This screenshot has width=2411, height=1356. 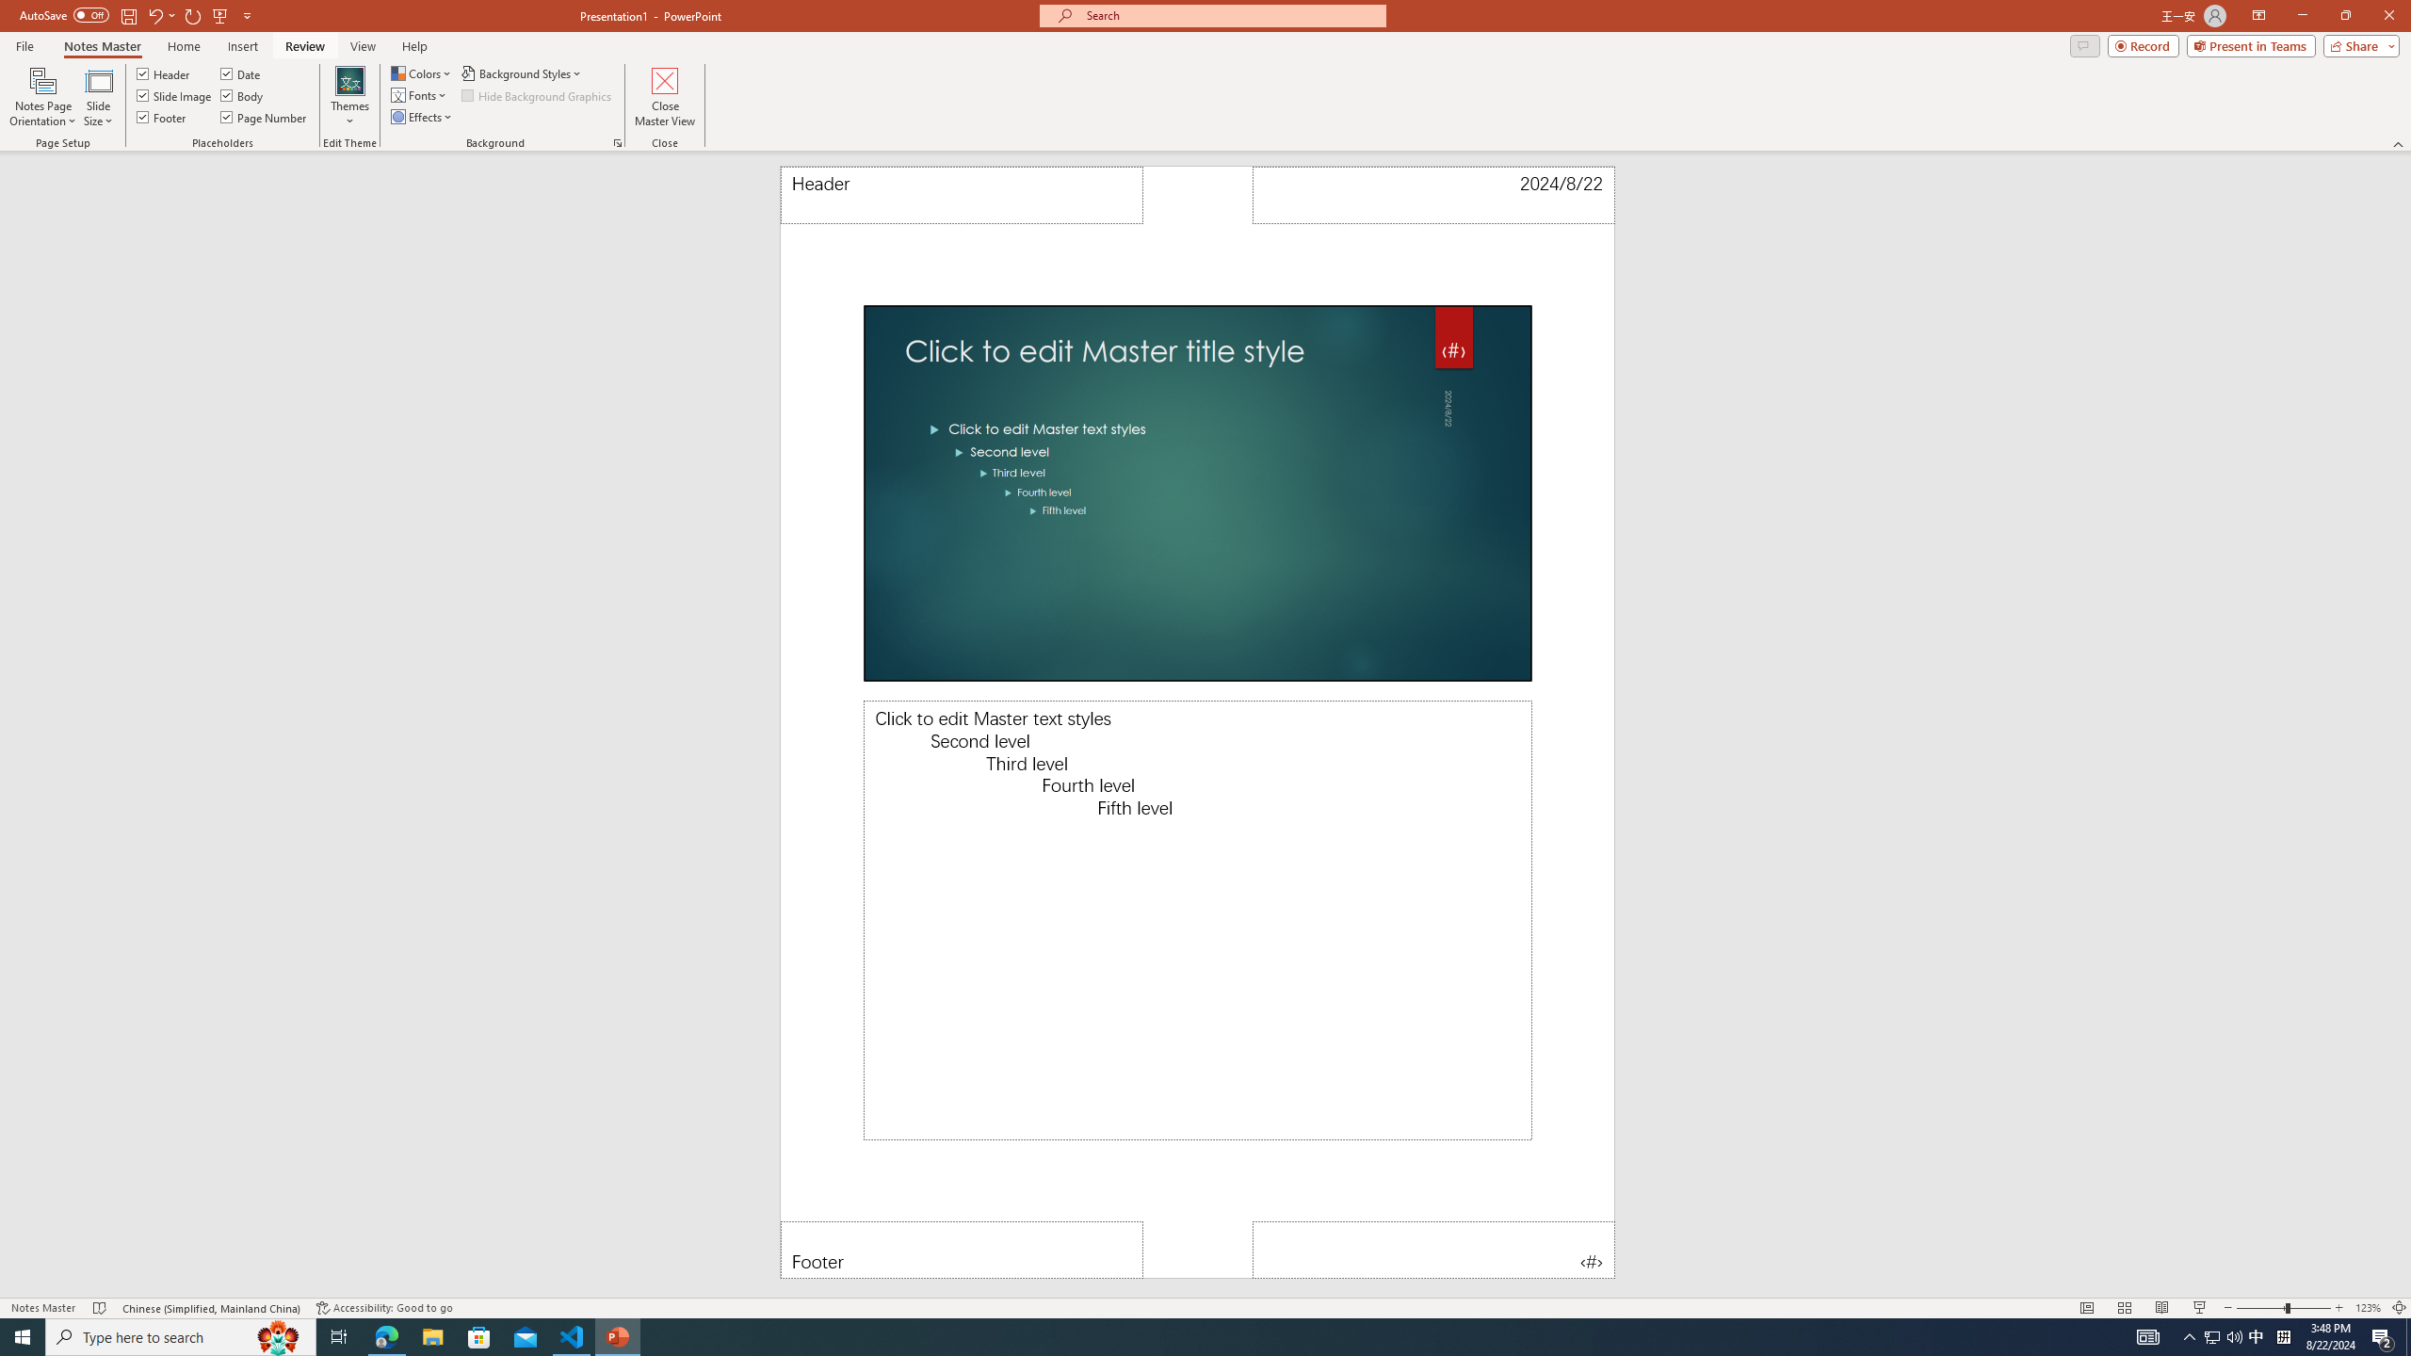 What do you see at coordinates (348, 97) in the screenshot?
I see `'Themes'` at bounding box center [348, 97].